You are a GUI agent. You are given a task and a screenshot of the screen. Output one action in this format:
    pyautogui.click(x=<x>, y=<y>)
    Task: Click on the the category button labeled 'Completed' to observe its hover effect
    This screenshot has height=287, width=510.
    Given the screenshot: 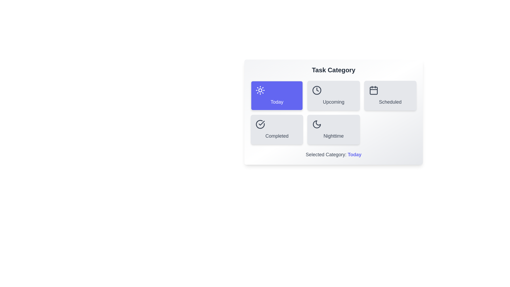 What is the action you would take?
    pyautogui.click(x=277, y=130)
    